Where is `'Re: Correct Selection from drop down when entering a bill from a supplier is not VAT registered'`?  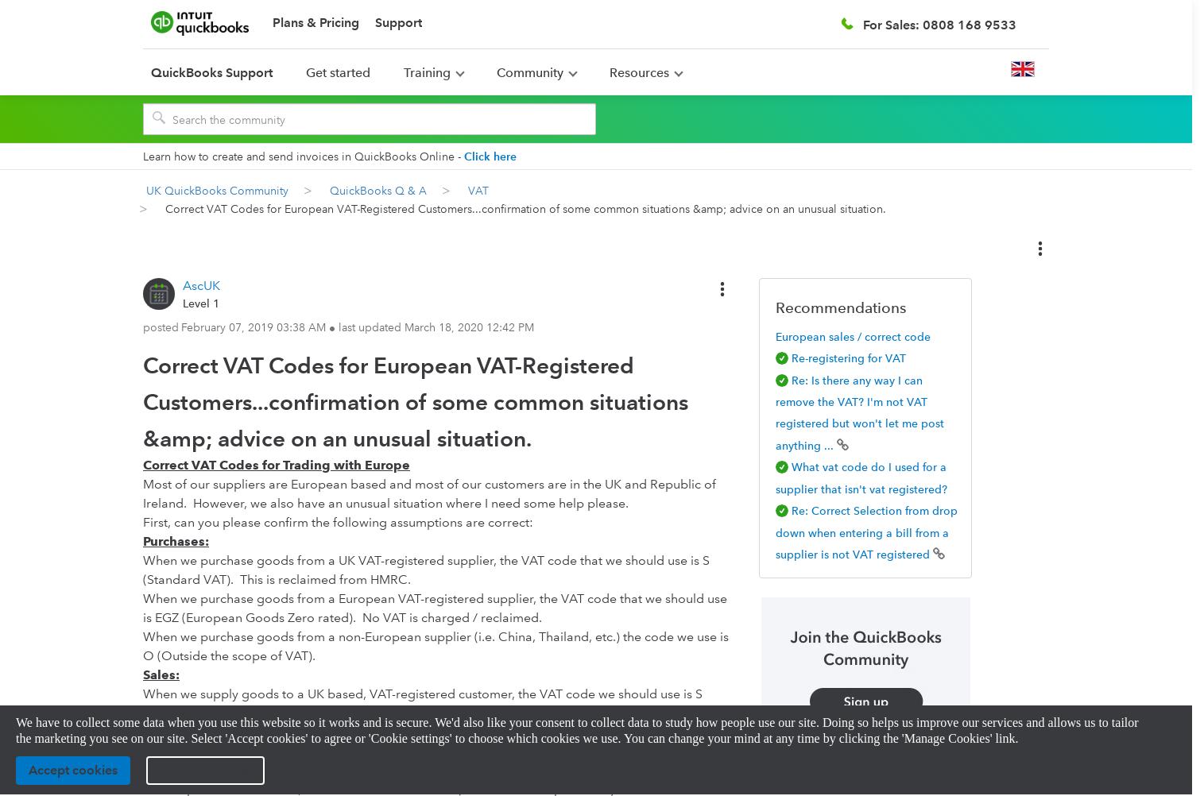 'Re: Correct Selection from drop down when entering a bill from a supplier is not VAT registered' is located at coordinates (865, 532).